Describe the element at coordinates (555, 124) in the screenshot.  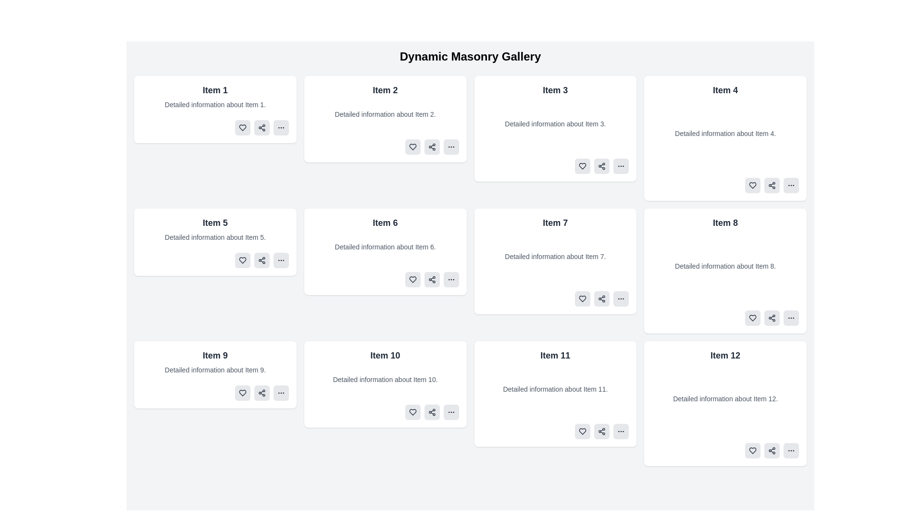
I see `the static text displaying 'Detailed information about Item 3.' which is located below the title 'Item 3' within its card layout` at that location.